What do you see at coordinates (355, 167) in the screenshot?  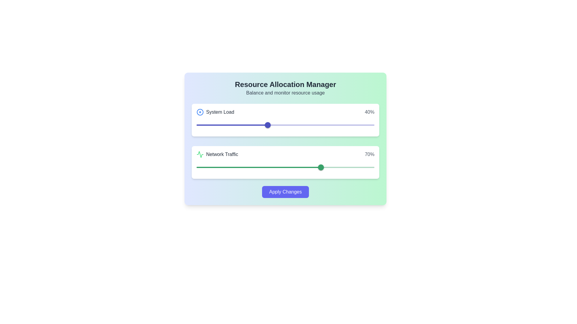 I see `the slider value` at bounding box center [355, 167].